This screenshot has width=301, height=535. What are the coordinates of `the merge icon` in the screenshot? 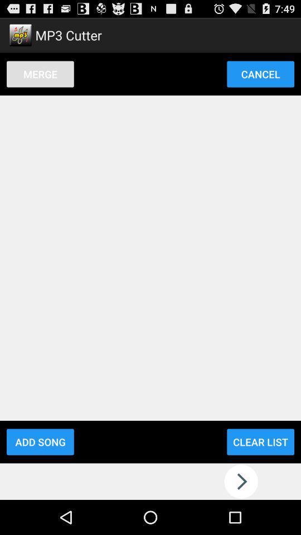 It's located at (40, 73).